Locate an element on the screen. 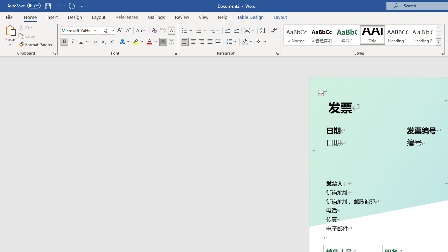 This screenshot has width=448, height=252. 'Underline' is located at coordinates (84, 42).